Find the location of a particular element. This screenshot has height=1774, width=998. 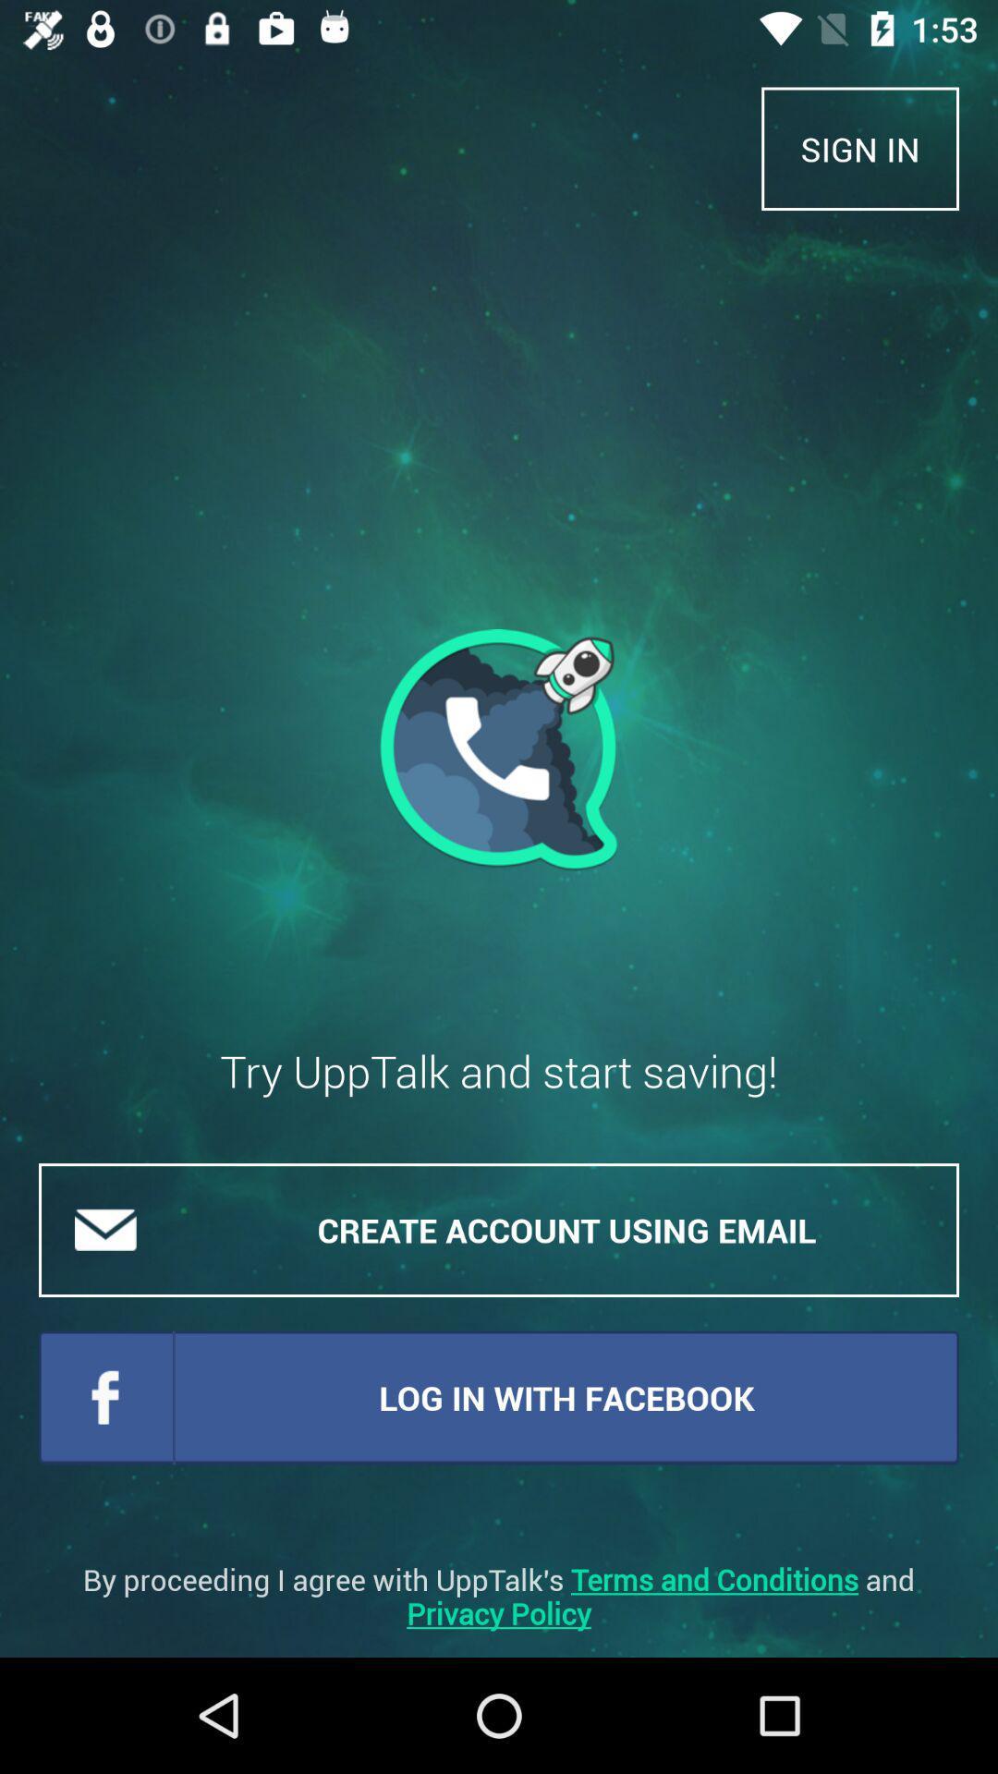

the sign in is located at coordinates (860, 149).